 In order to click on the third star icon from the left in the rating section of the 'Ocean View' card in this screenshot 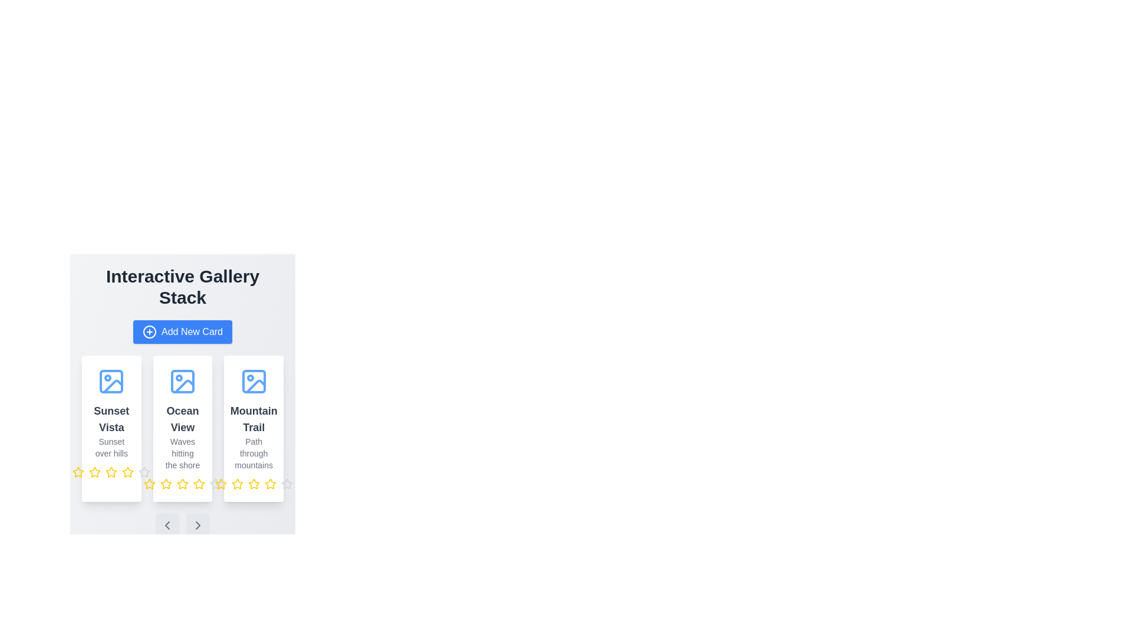, I will do `click(182, 484)`.